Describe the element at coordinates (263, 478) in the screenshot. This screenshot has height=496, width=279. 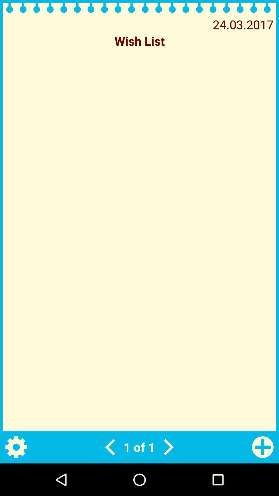
I see `the add icon` at that location.